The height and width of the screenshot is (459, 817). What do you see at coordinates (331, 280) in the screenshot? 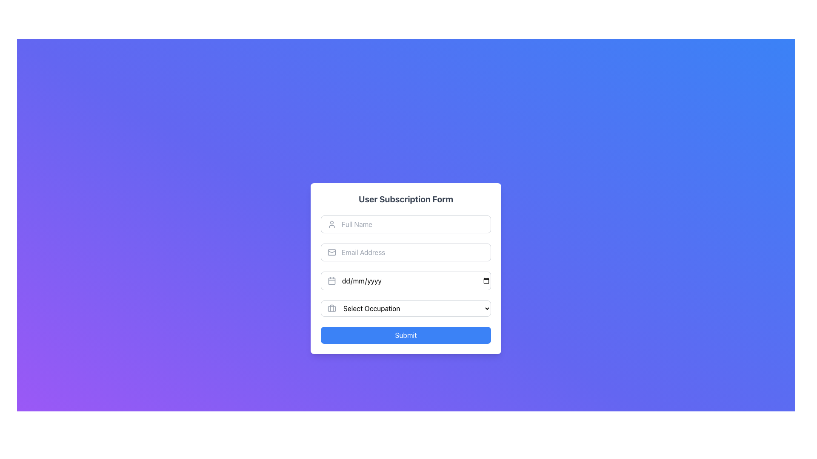
I see `the static SVG calendar icon element located in the left part of the date input field` at bounding box center [331, 280].